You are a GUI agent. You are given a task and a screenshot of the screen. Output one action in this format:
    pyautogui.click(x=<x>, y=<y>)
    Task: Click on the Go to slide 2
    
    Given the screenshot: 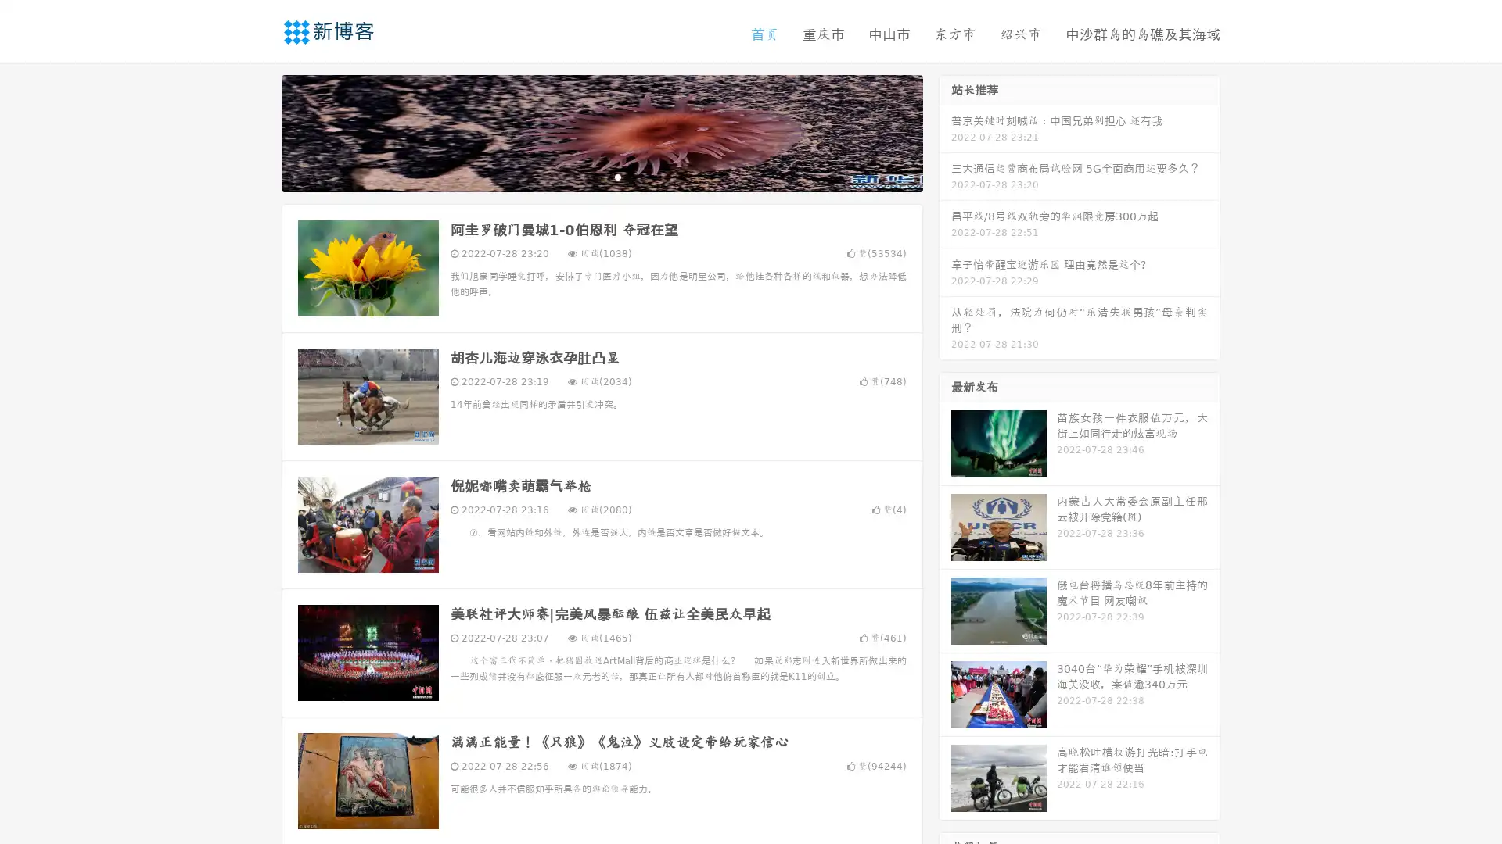 What is the action you would take?
    pyautogui.click(x=601, y=176)
    